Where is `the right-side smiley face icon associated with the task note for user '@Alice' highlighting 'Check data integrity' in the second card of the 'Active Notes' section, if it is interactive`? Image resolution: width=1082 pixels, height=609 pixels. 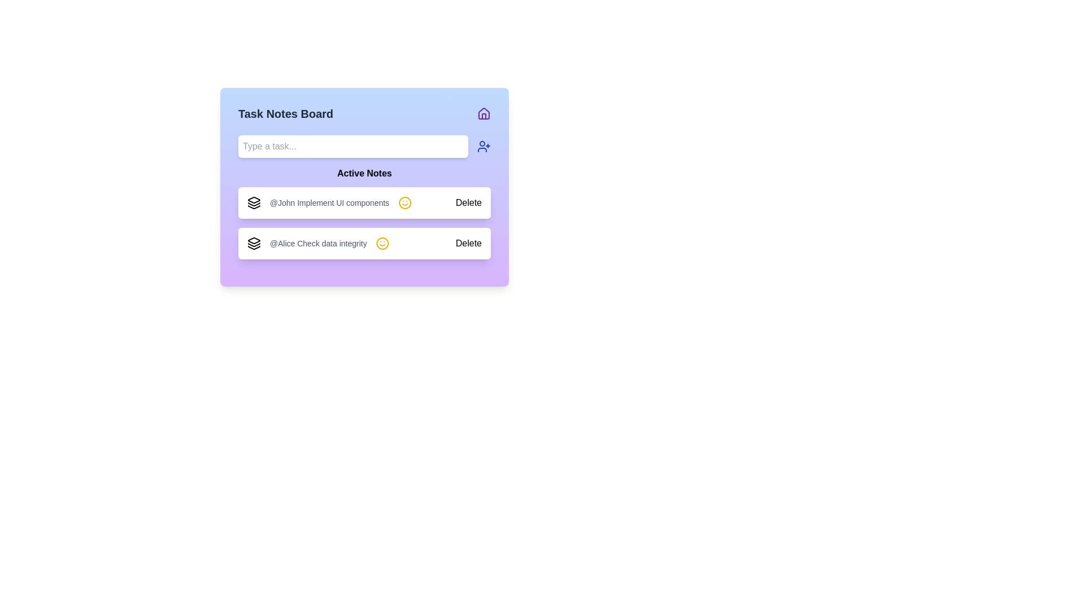
the right-side smiley face icon associated with the task note for user '@Alice' highlighting 'Check data integrity' in the second card of the 'Active Notes' section, if it is interactive is located at coordinates (318, 243).